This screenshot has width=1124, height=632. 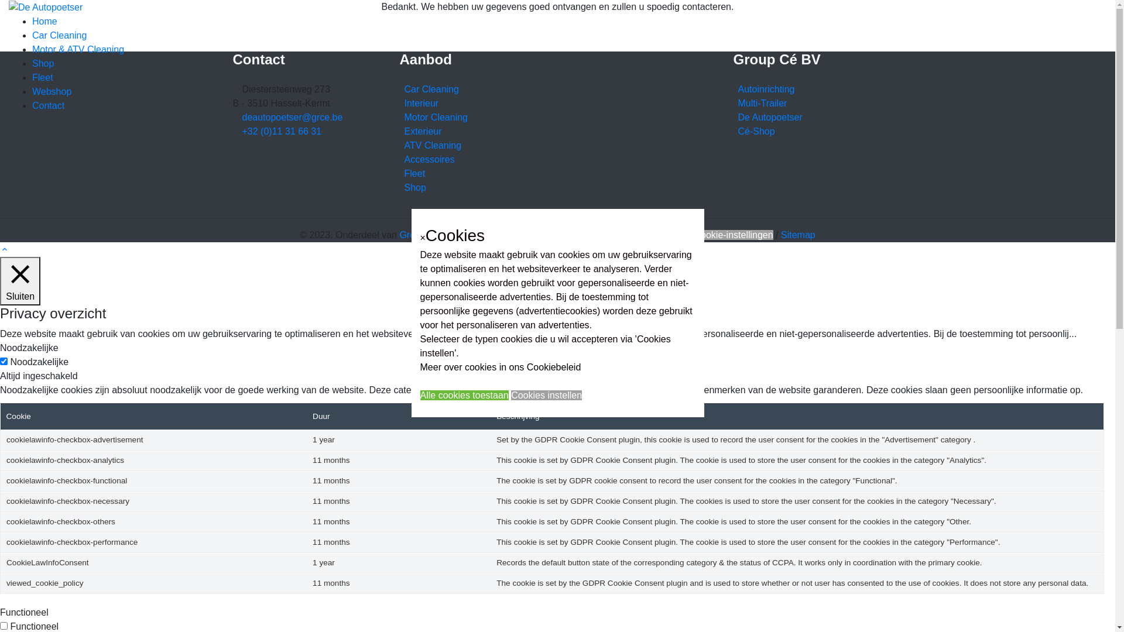 What do you see at coordinates (546, 395) in the screenshot?
I see `'Cookies instellen'` at bounding box center [546, 395].